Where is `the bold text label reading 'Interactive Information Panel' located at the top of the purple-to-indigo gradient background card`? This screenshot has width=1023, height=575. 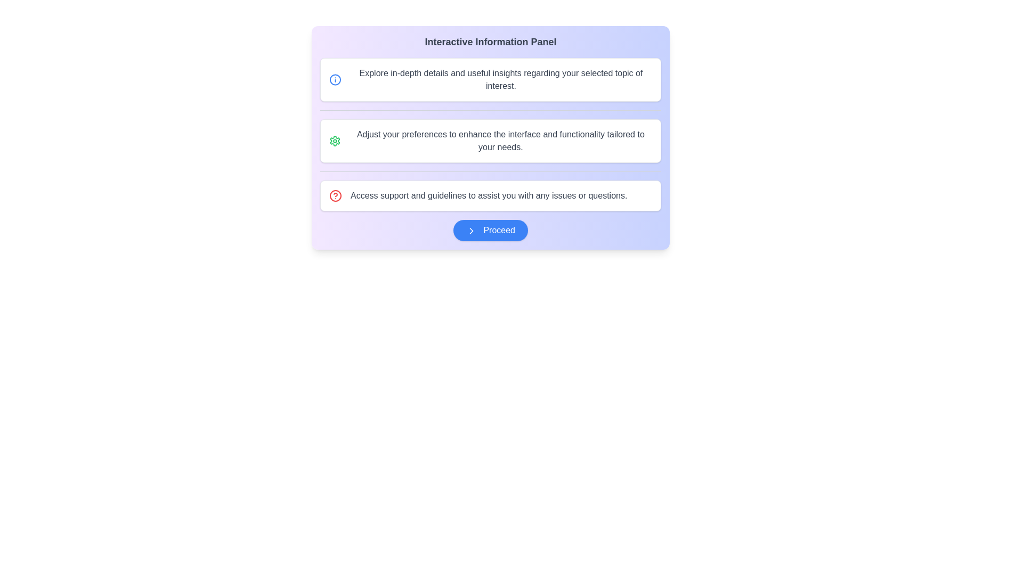
the bold text label reading 'Interactive Information Panel' located at the top of the purple-to-indigo gradient background card is located at coordinates (490, 41).